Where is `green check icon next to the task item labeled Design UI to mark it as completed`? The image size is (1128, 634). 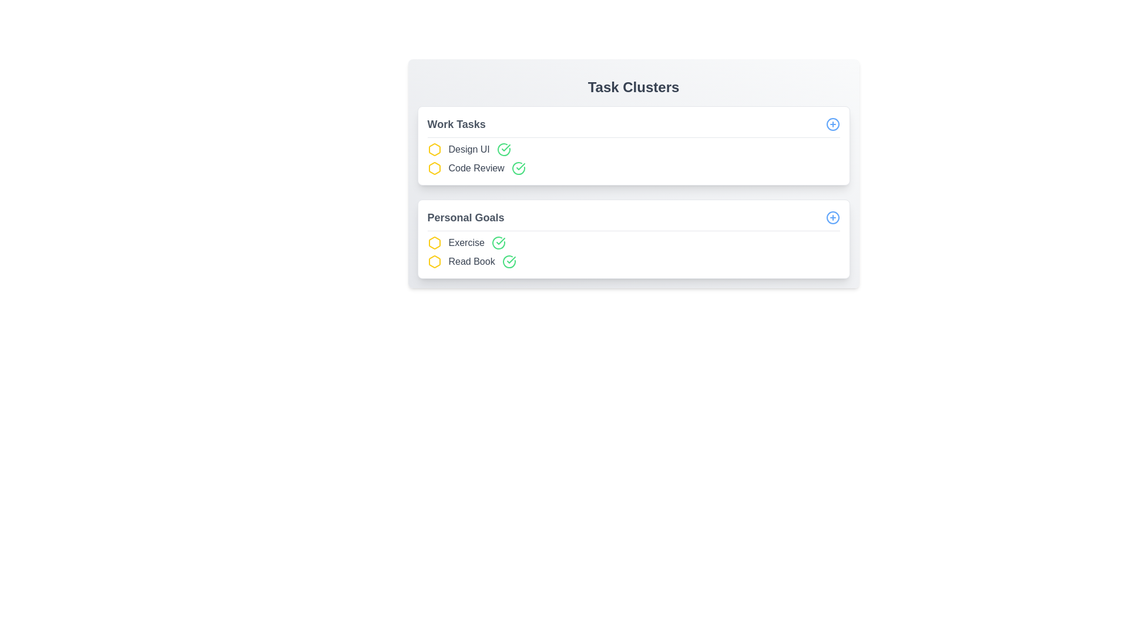
green check icon next to the task item labeled Design UI to mark it as completed is located at coordinates (503, 149).